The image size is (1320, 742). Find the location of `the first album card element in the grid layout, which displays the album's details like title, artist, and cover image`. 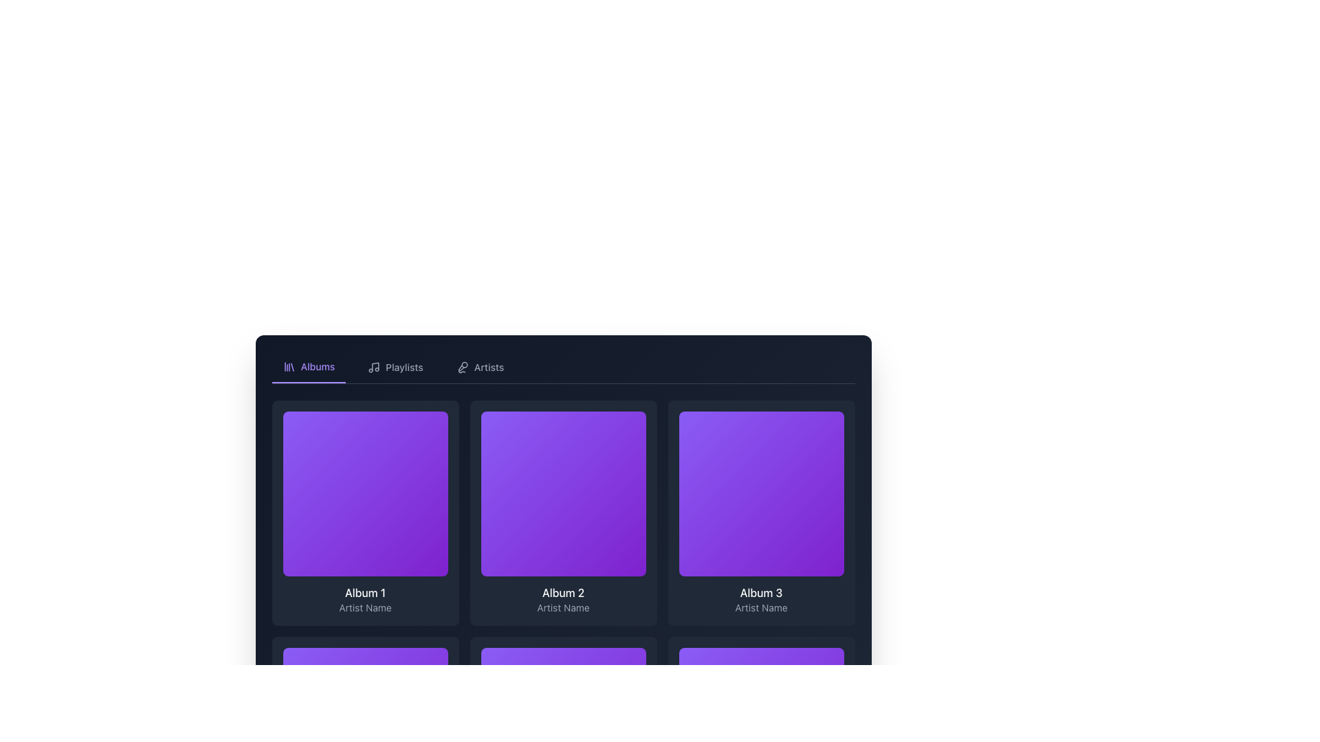

the first album card element in the grid layout, which displays the album's details like title, artist, and cover image is located at coordinates (365, 513).